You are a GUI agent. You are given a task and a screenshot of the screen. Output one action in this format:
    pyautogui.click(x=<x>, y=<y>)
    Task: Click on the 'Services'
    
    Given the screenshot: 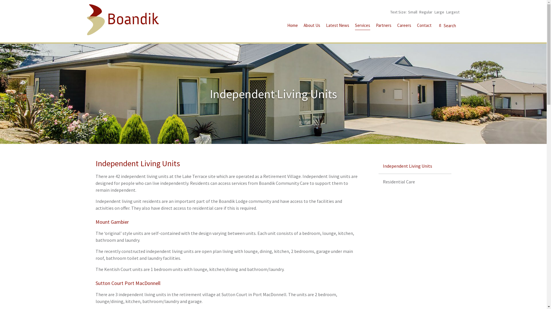 What is the action you would take?
    pyautogui.click(x=362, y=26)
    